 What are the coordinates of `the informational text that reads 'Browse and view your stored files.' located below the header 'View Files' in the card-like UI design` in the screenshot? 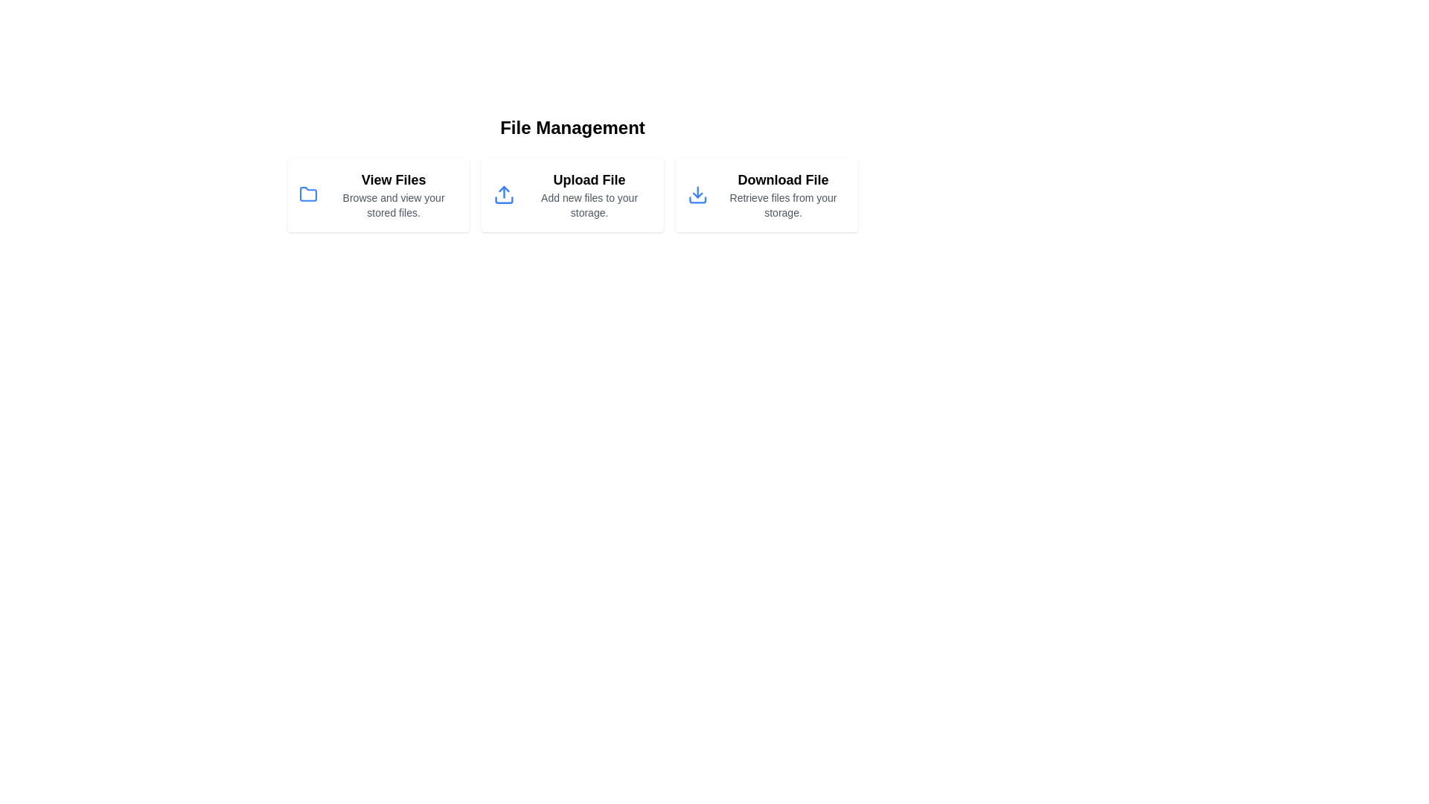 It's located at (394, 205).